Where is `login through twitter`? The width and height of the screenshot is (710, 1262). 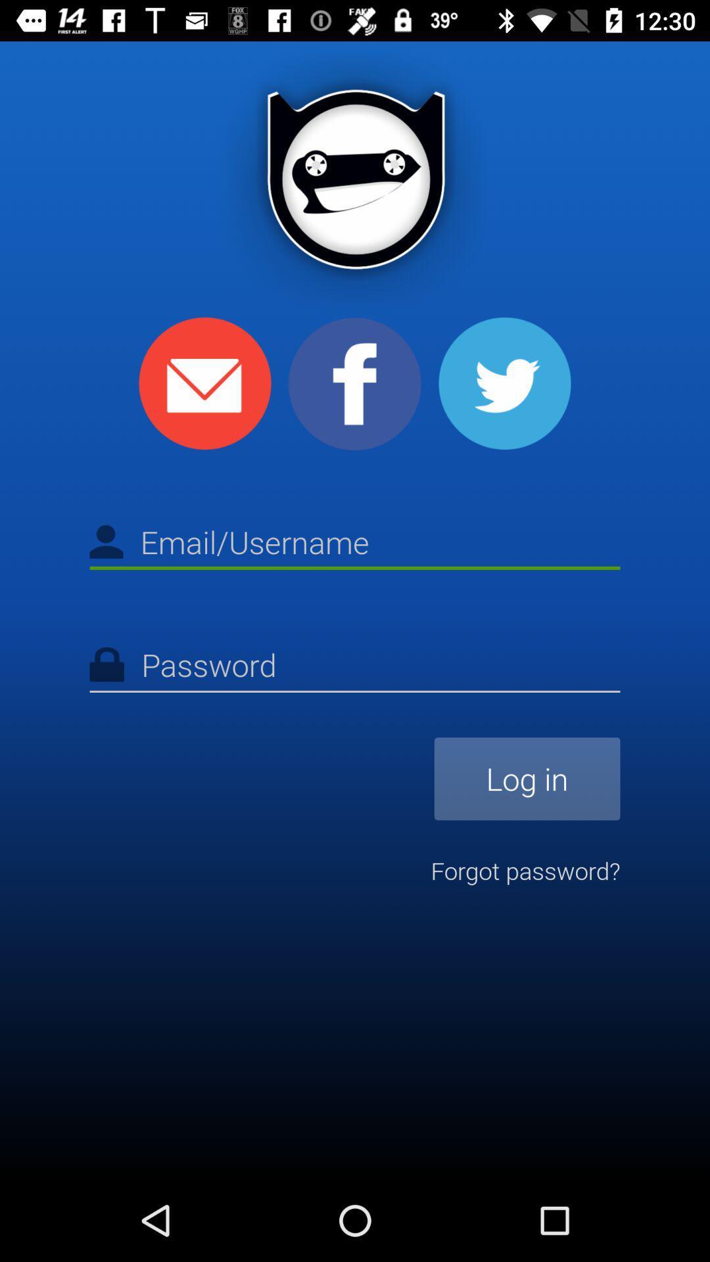 login through twitter is located at coordinates (504, 383).